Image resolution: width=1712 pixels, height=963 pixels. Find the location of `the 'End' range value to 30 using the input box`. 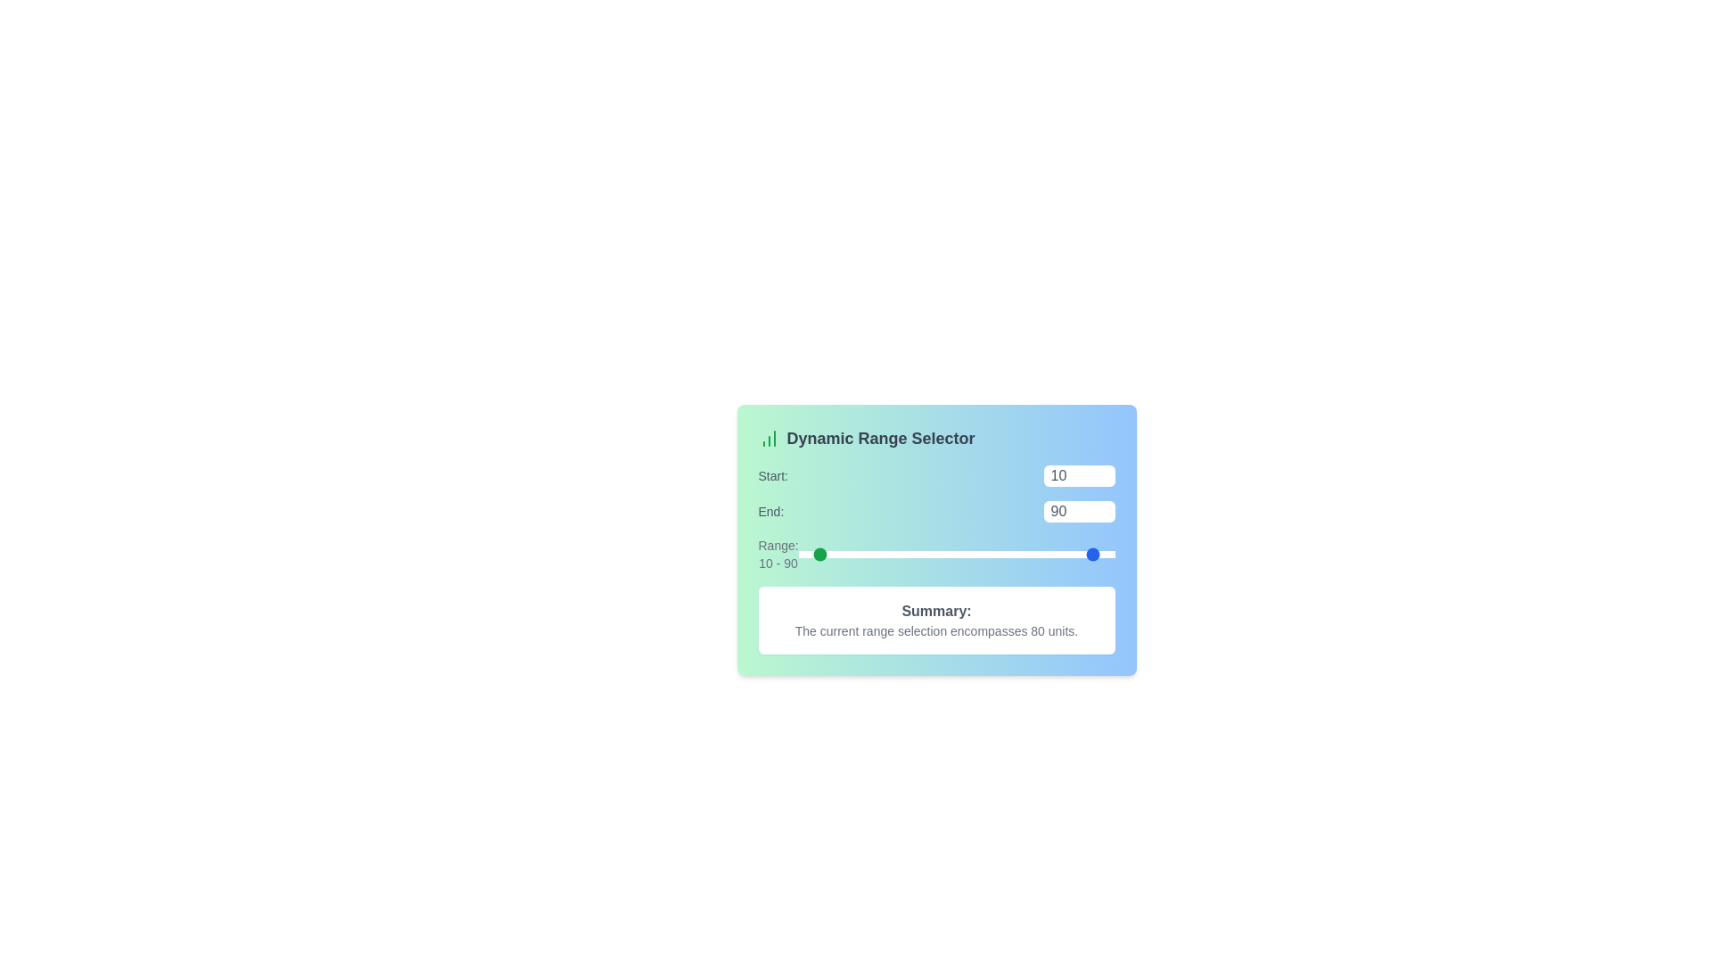

the 'End' range value to 30 using the input box is located at coordinates (1078, 512).